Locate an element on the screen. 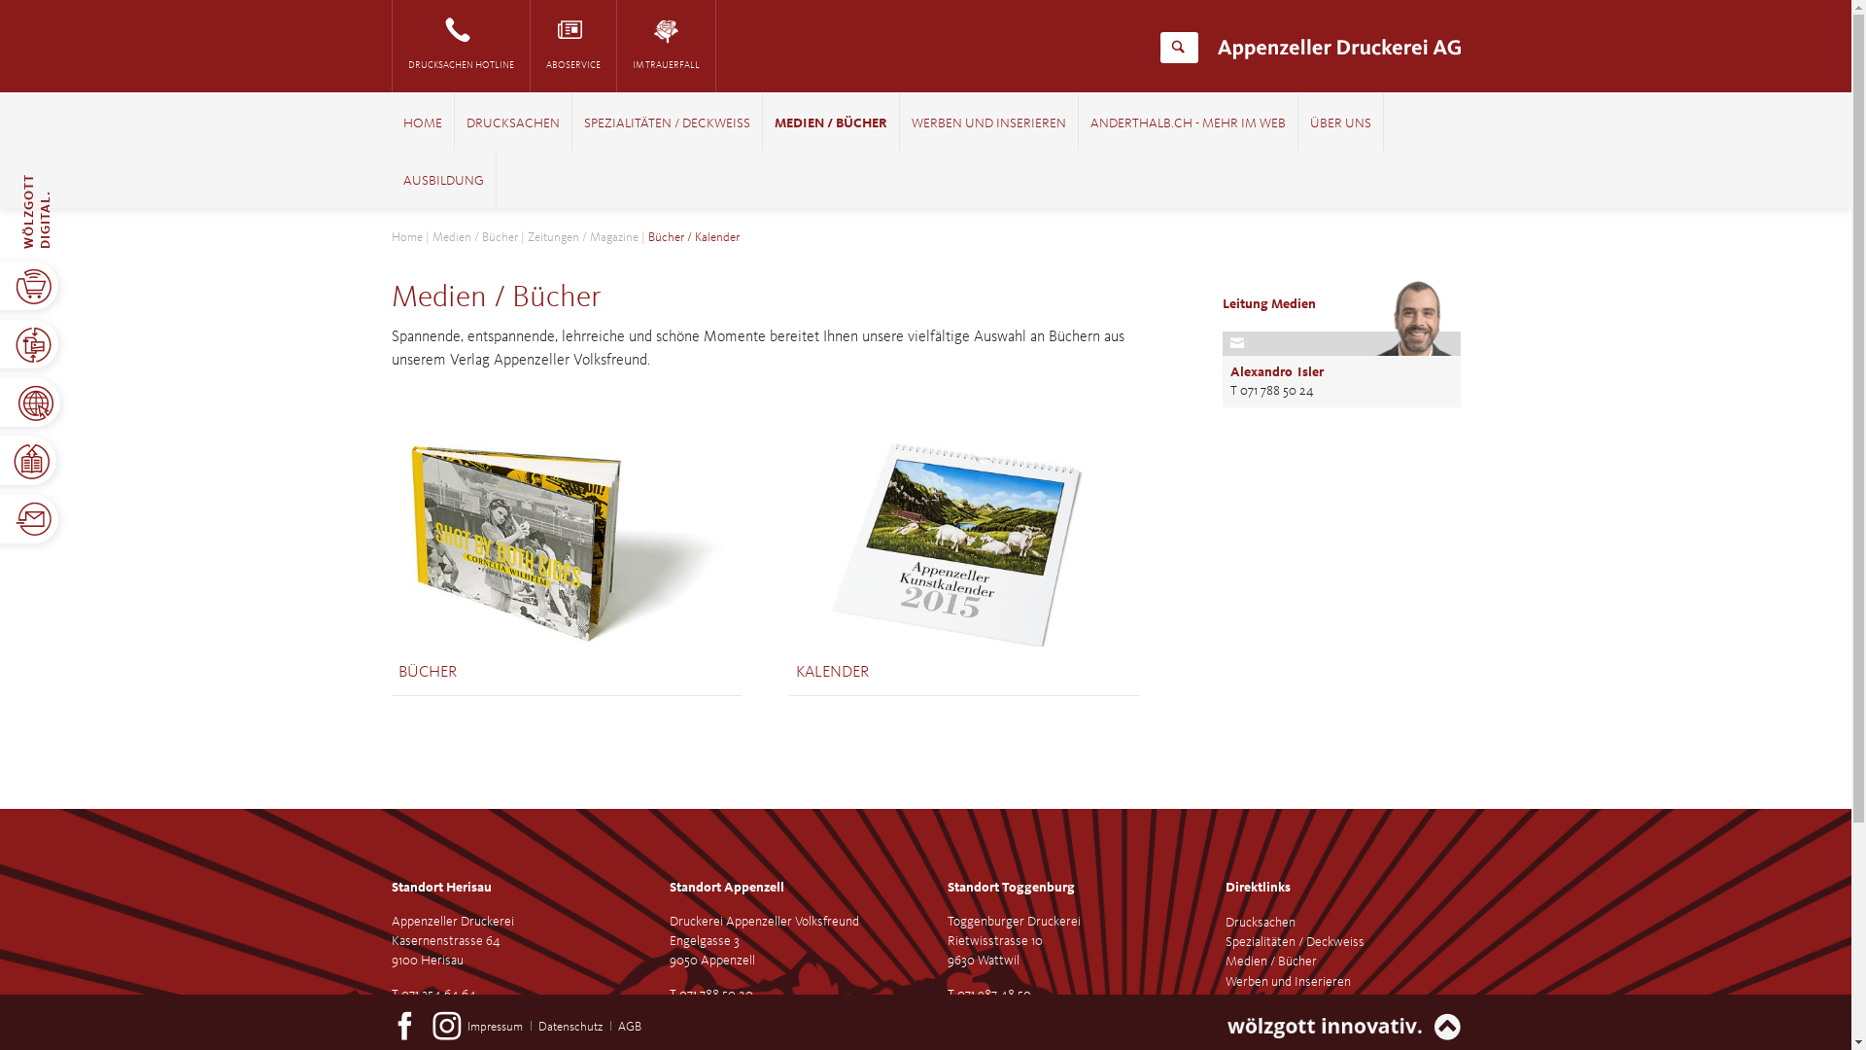 The height and width of the screenshot is (1050, 1866). 'DRUCKSACHEN' is located at coordinates (513, 123).